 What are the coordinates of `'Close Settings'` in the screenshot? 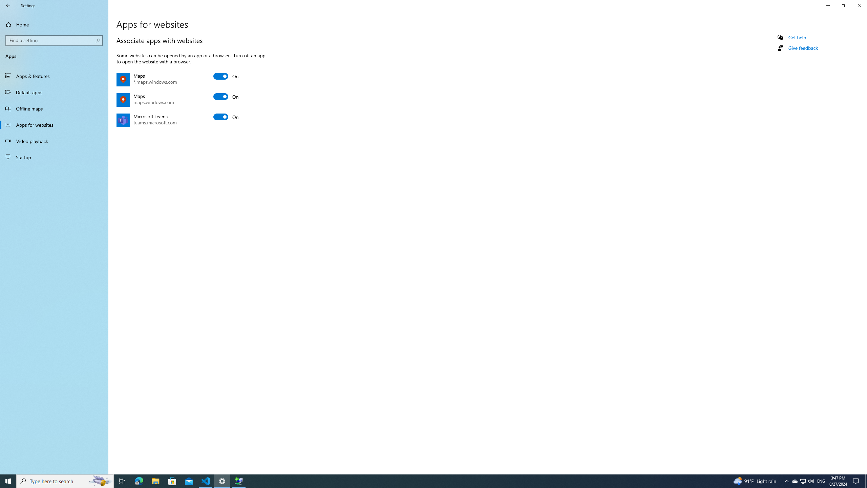 It's located at (859, 5).